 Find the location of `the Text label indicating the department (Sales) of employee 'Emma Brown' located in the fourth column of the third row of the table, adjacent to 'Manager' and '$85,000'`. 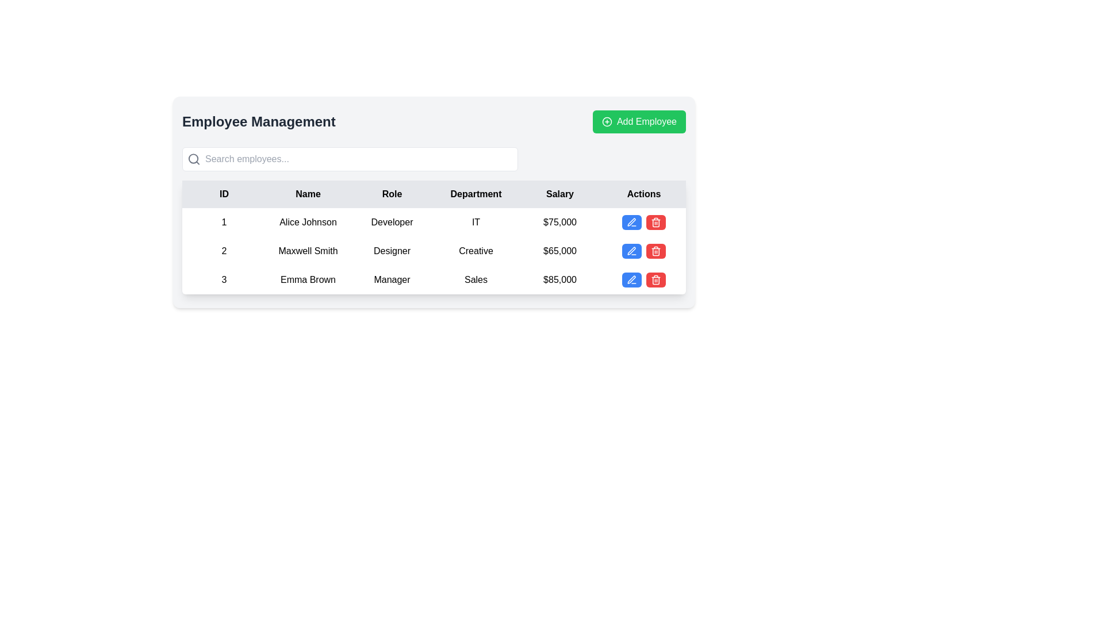

the Text label indicating the department (Sales) of employee 'Emma Brown' located in the fourth column of the third row of the table, adjacent to 'Manager' and '$85,000' is located at coordinates (476, 279).